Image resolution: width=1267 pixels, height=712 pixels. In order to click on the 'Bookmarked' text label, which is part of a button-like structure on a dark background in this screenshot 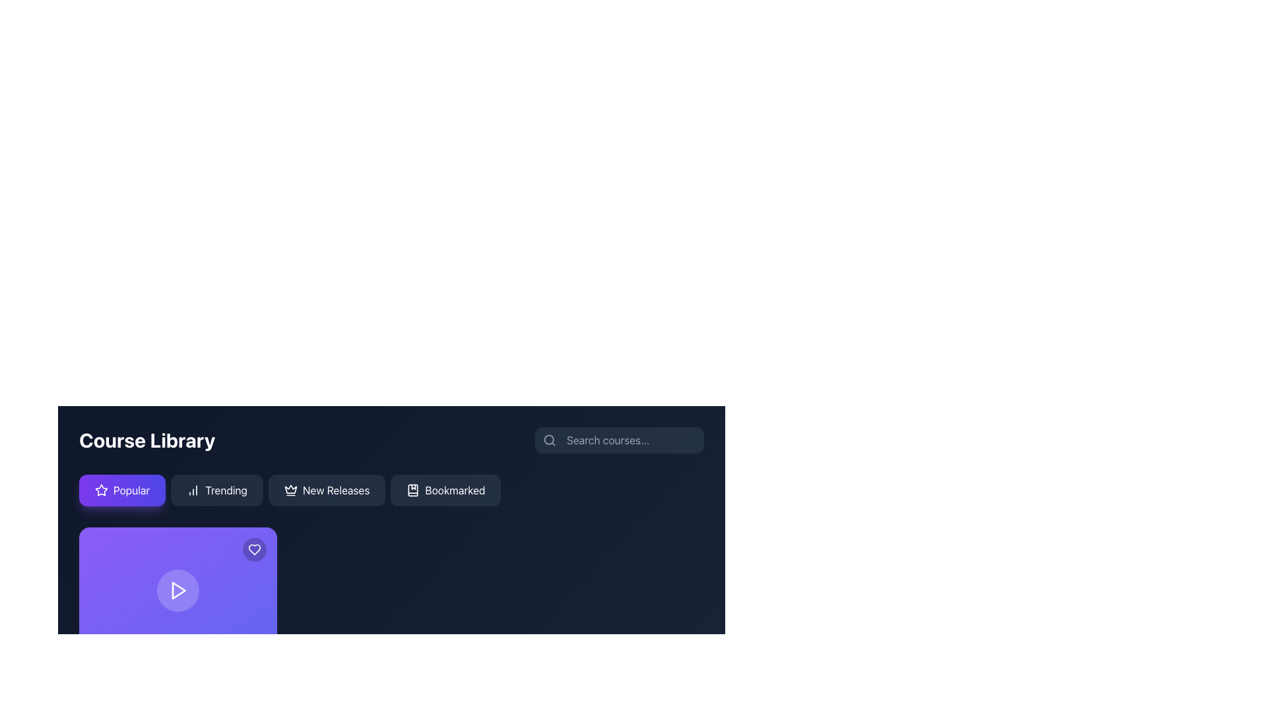, I will do `click(455, 490)`.